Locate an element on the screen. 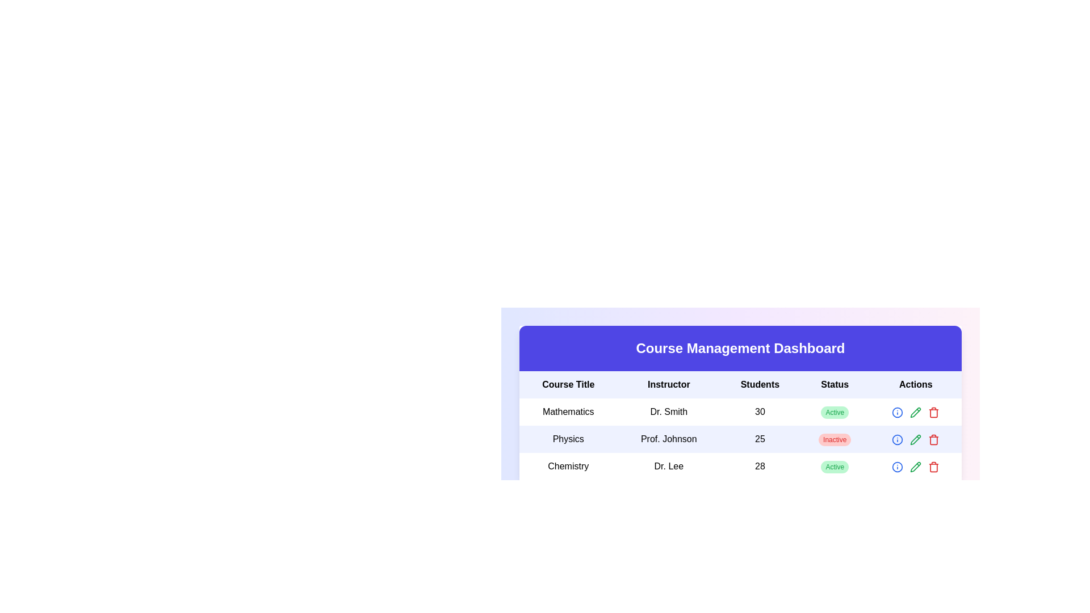 Image resolution: width=1090 pixels, height=613 pixels. header text labeled 'Course Management Dashboard' which is prominently displayed in bold white font against an indigo background at the top of the interface is located at coordinates (740, 347).